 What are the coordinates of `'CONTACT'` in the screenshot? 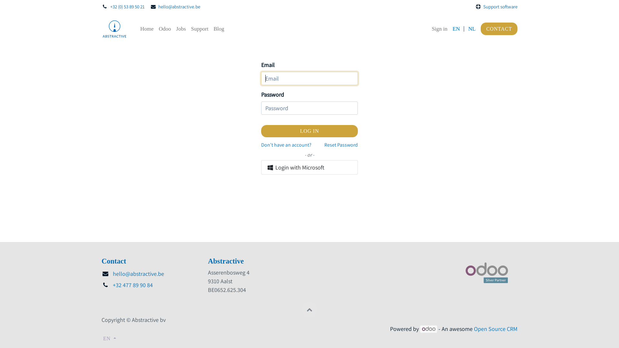 It's located at (499, 28).